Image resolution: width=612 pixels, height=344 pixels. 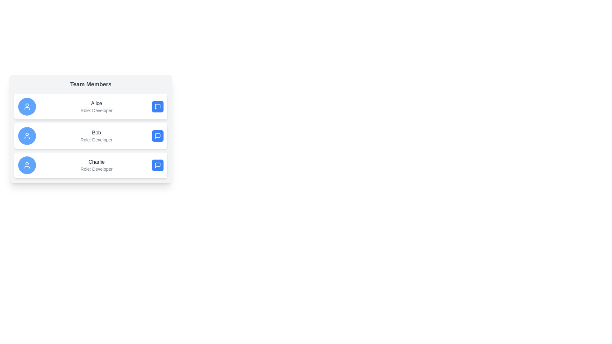 What do you see at coordinates (27, 136) in the screenshot?
I see `the Avatar Icon, which is a circular icon with a blue background and a white user-themed graphic, located beside the name 'Bob' and the role 'Developer' in the second row of the user information list` at bounding box center [27, 136].